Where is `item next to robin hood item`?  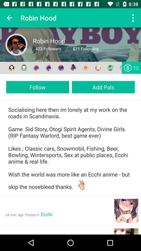
item next to robin hood item is located at coordinates (133, 18).